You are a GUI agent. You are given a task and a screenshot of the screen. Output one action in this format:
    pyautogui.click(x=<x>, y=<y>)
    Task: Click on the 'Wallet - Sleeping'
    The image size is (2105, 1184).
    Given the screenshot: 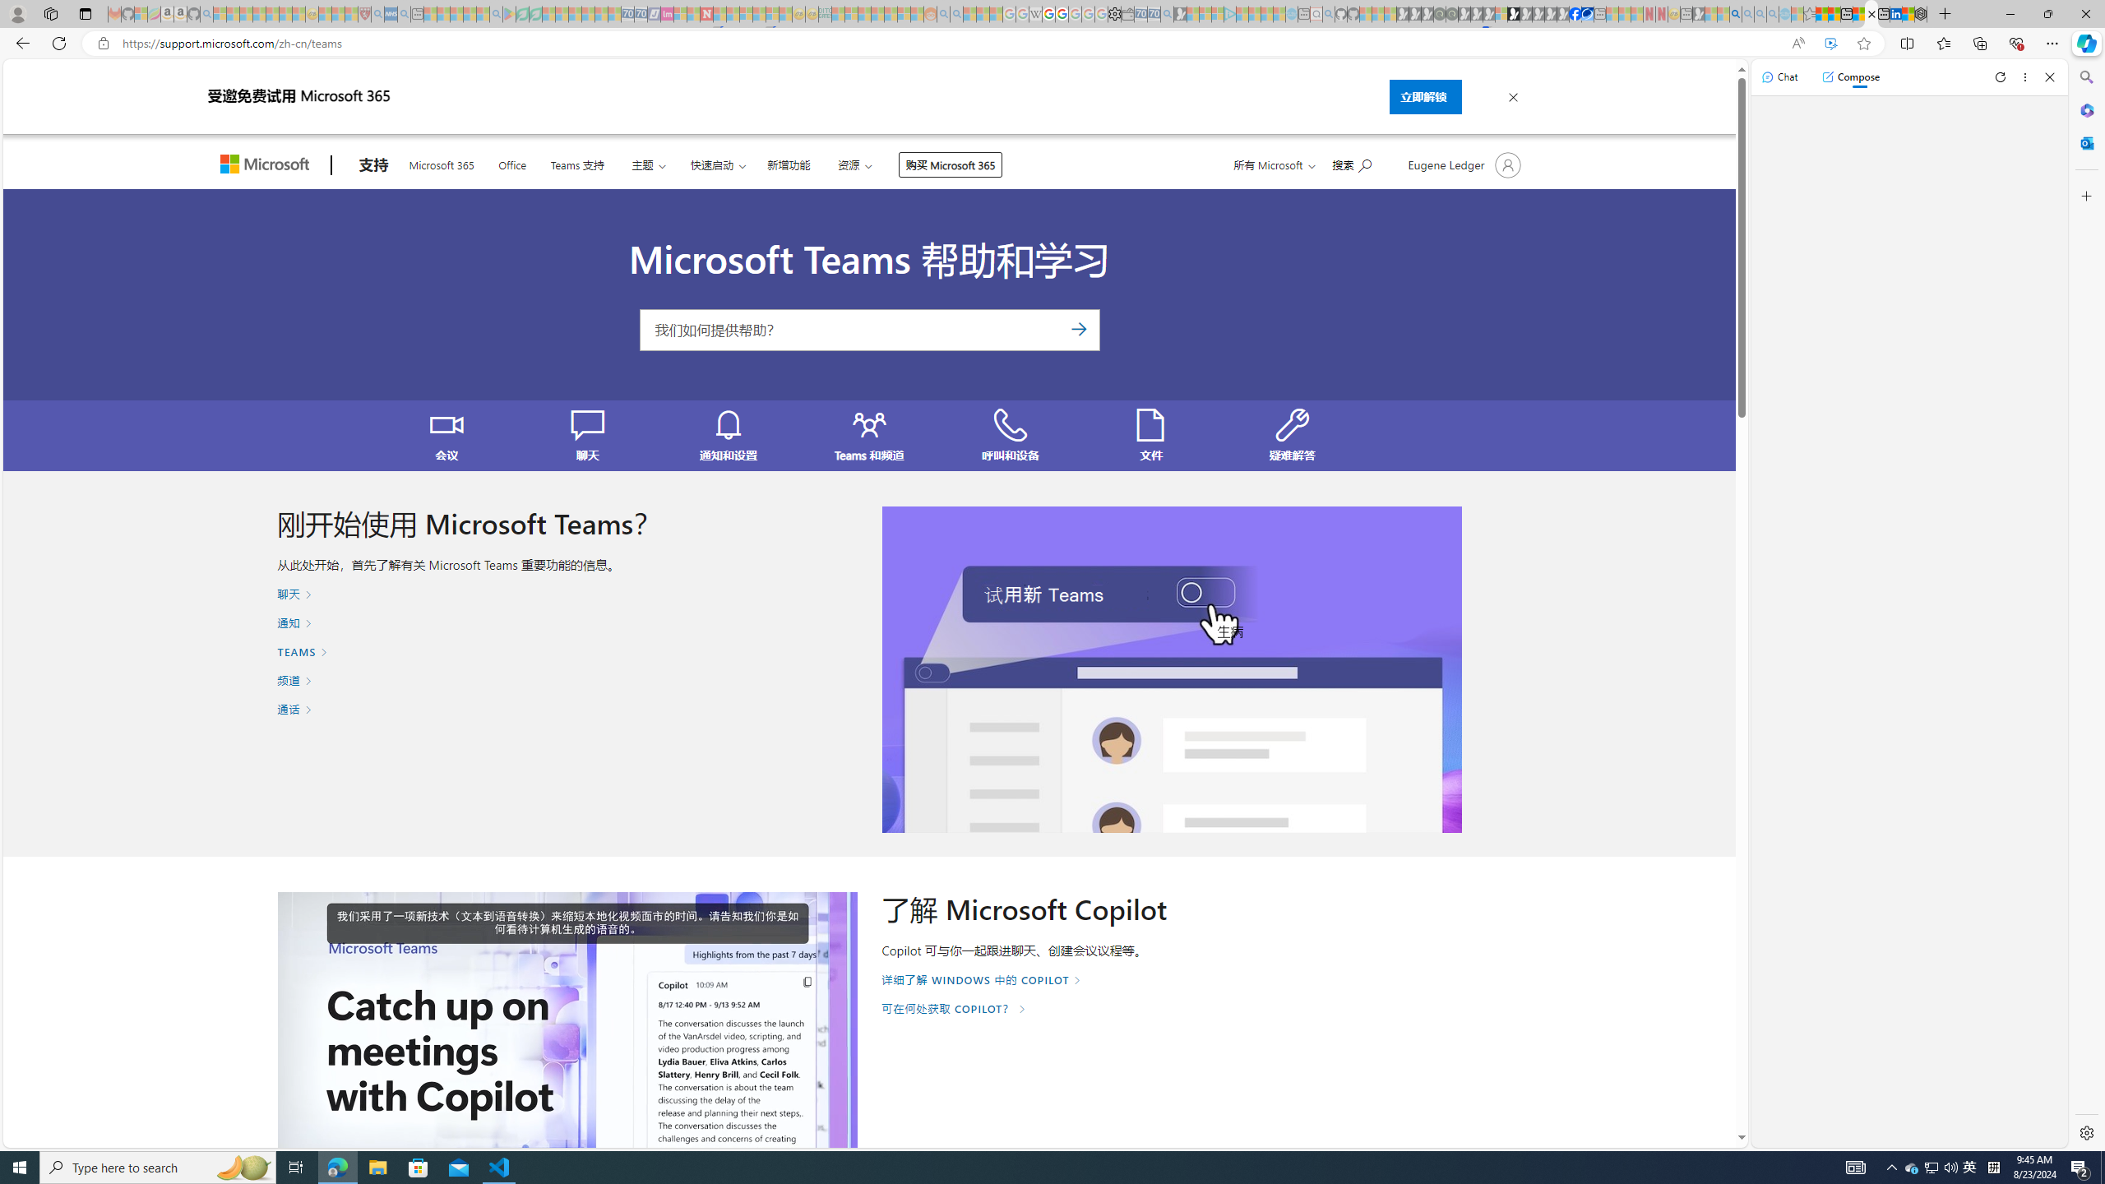 What is the action you would take?
    pyautogui.click(x=1126, y=13)
    